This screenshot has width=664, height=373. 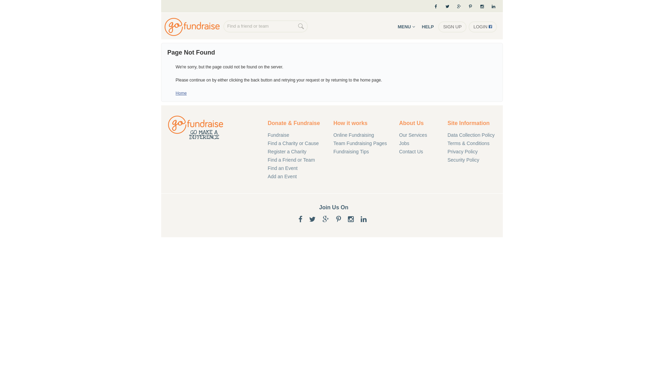 I want to click on 'Home', so click(x=176, y=93).